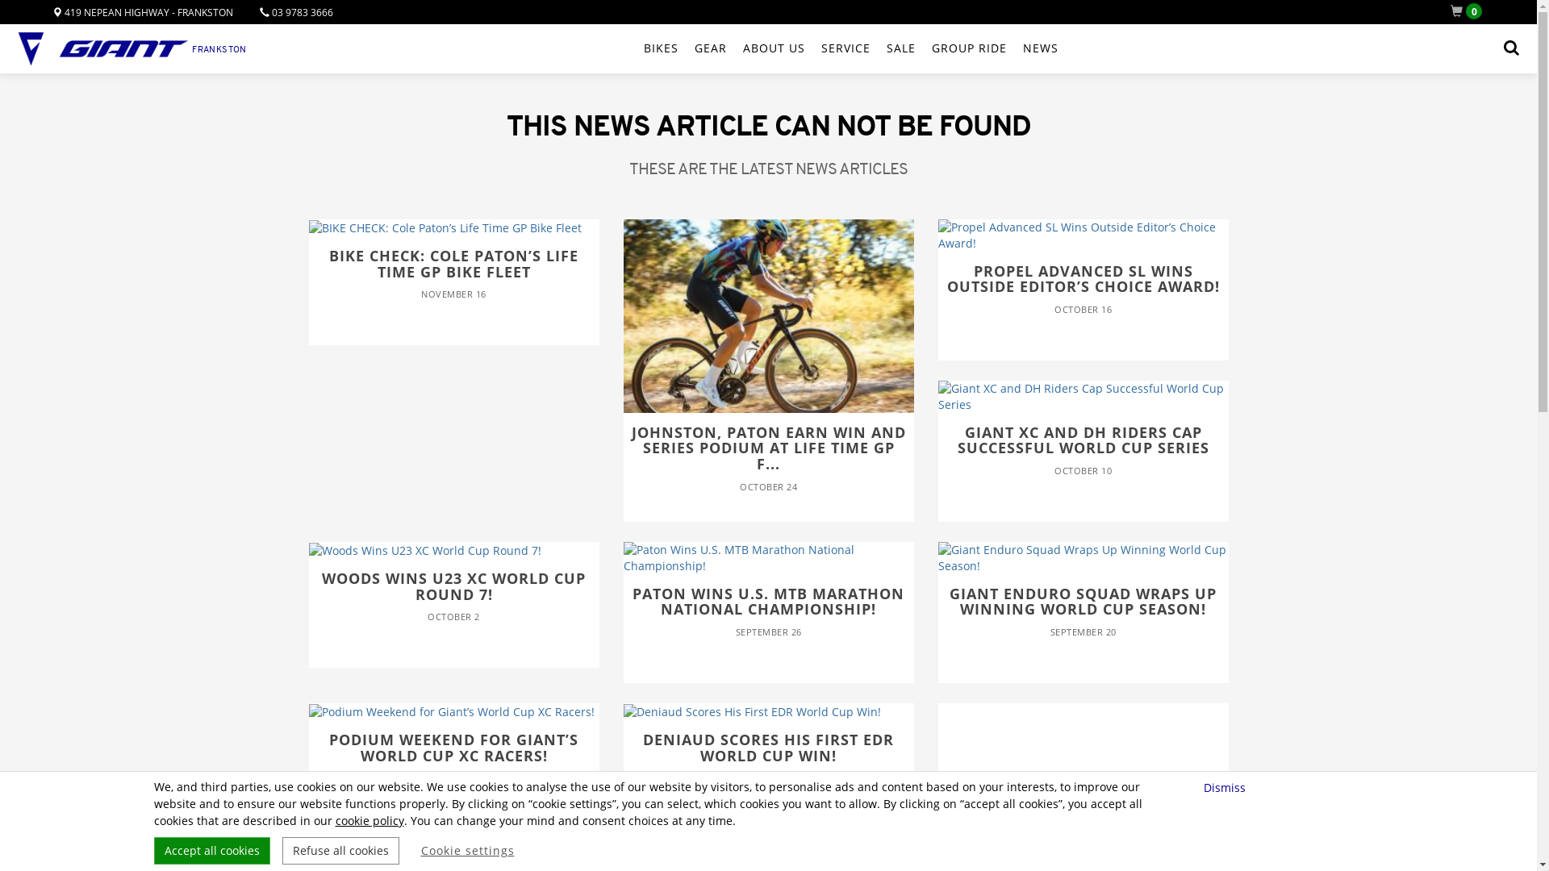  Describe the element at coordinates (766, 758) in the screenshot. I see `'DENIAUD SCORES HIS FIRST EDR WORLD CUP WIN!` at that location.